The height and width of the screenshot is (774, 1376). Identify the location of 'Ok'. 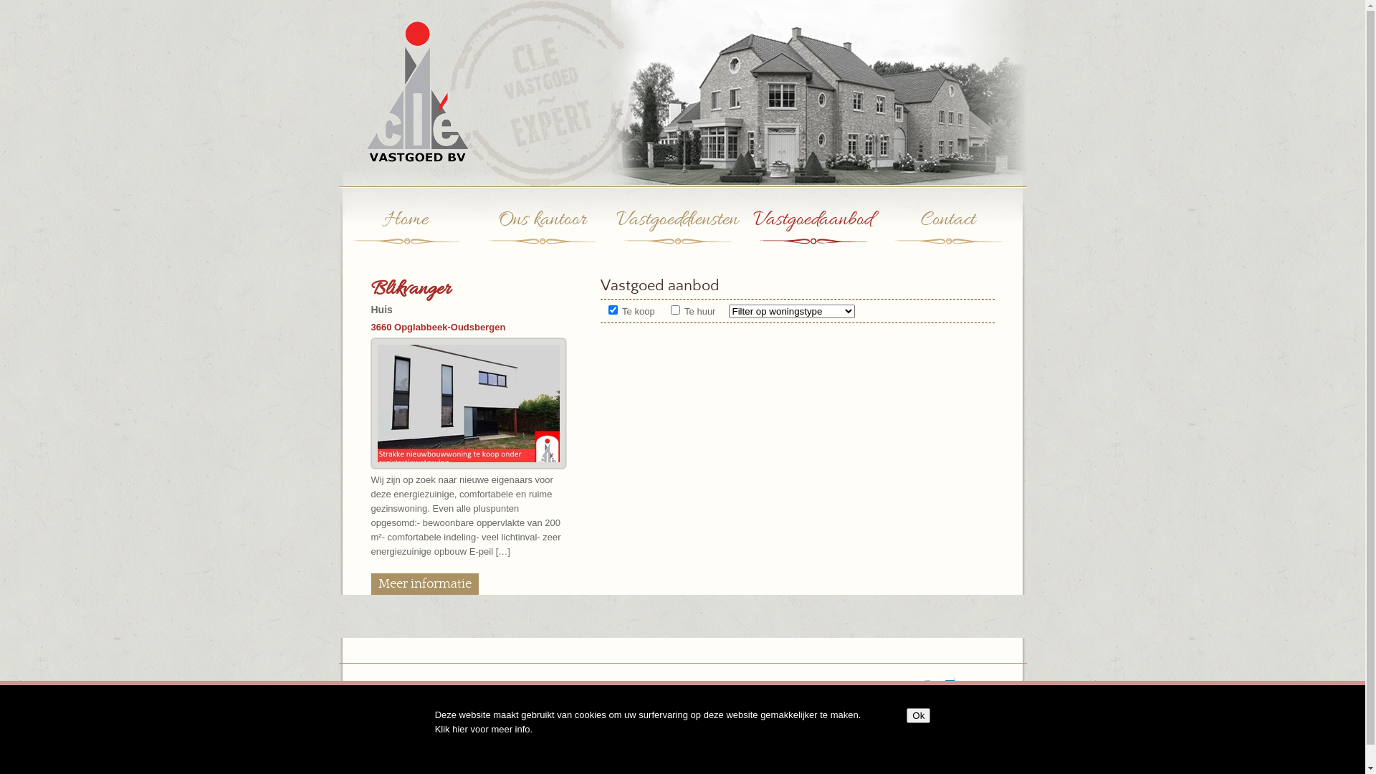
(906, 715).